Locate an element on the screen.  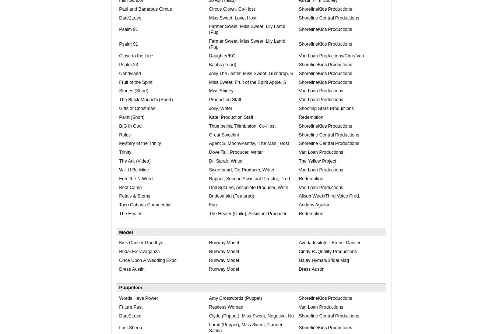
'Bridal Extravaganza' is located at coordinates (119, 251).